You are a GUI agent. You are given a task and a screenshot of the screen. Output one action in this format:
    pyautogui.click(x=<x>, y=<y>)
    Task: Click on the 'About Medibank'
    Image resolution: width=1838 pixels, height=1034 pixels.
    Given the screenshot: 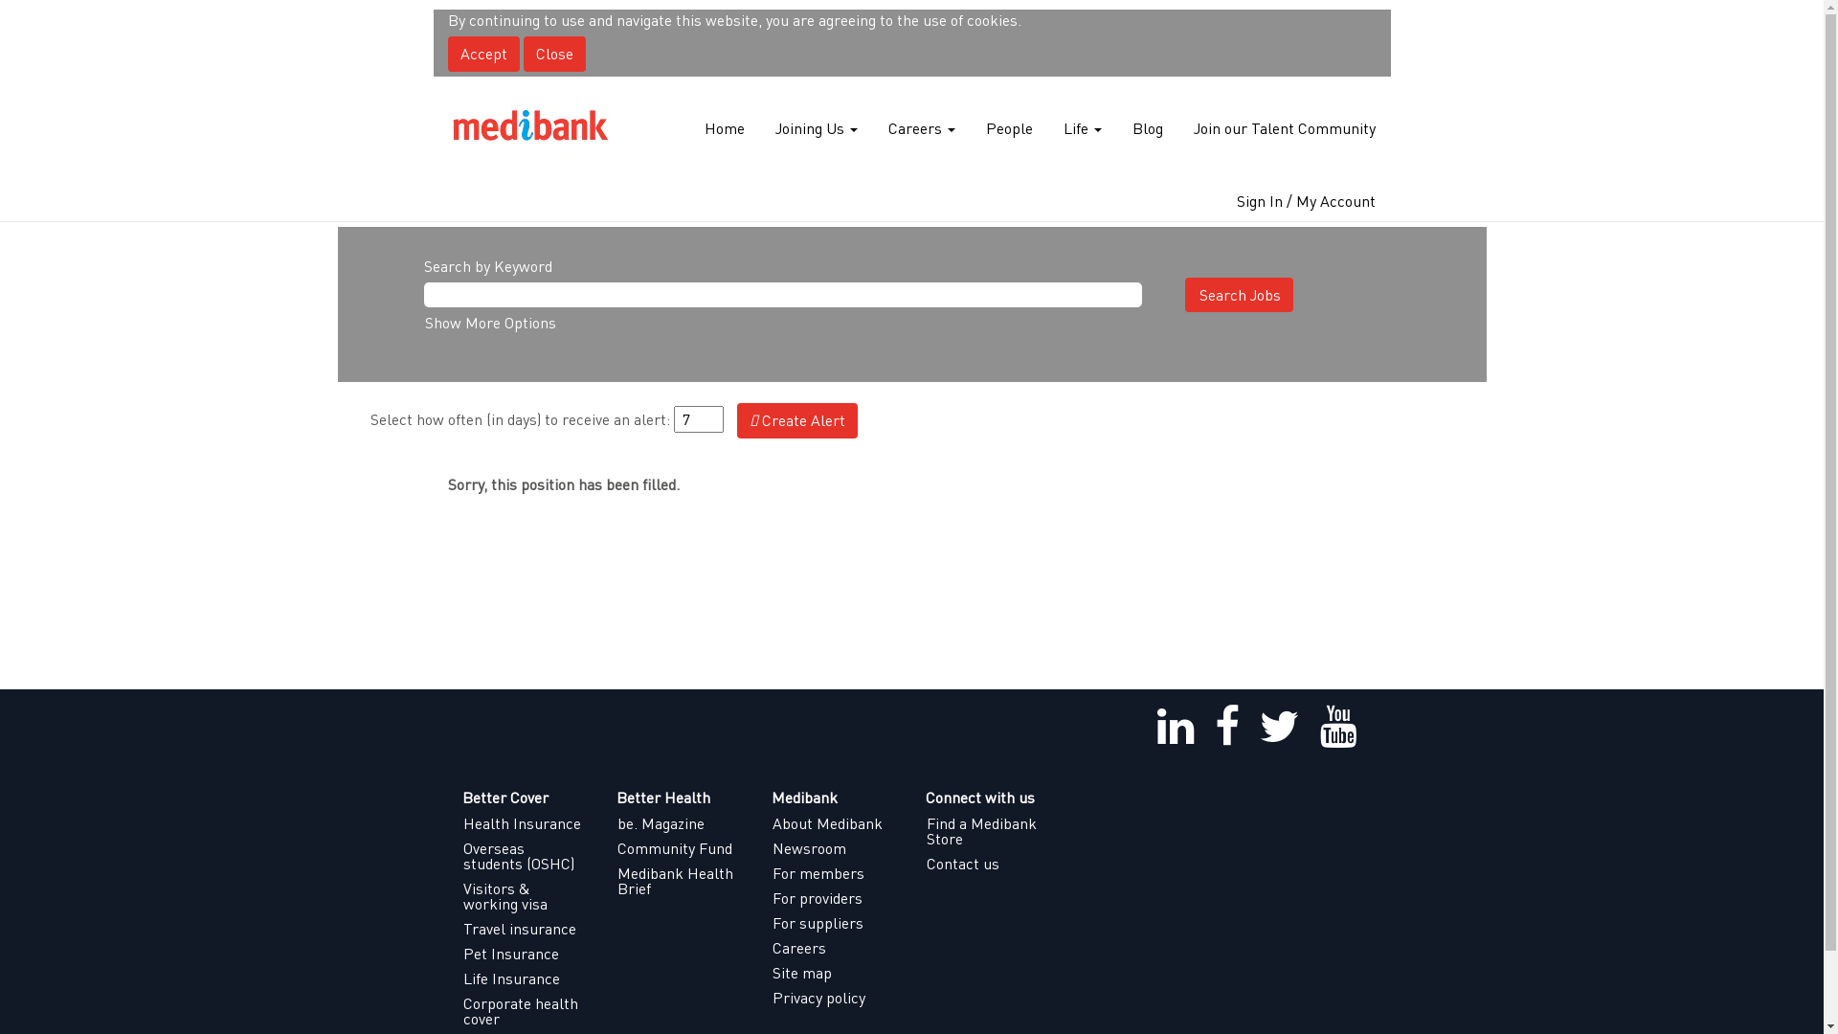 What is the action you would take?
    pyautogui.click(x=772, y=822)
    